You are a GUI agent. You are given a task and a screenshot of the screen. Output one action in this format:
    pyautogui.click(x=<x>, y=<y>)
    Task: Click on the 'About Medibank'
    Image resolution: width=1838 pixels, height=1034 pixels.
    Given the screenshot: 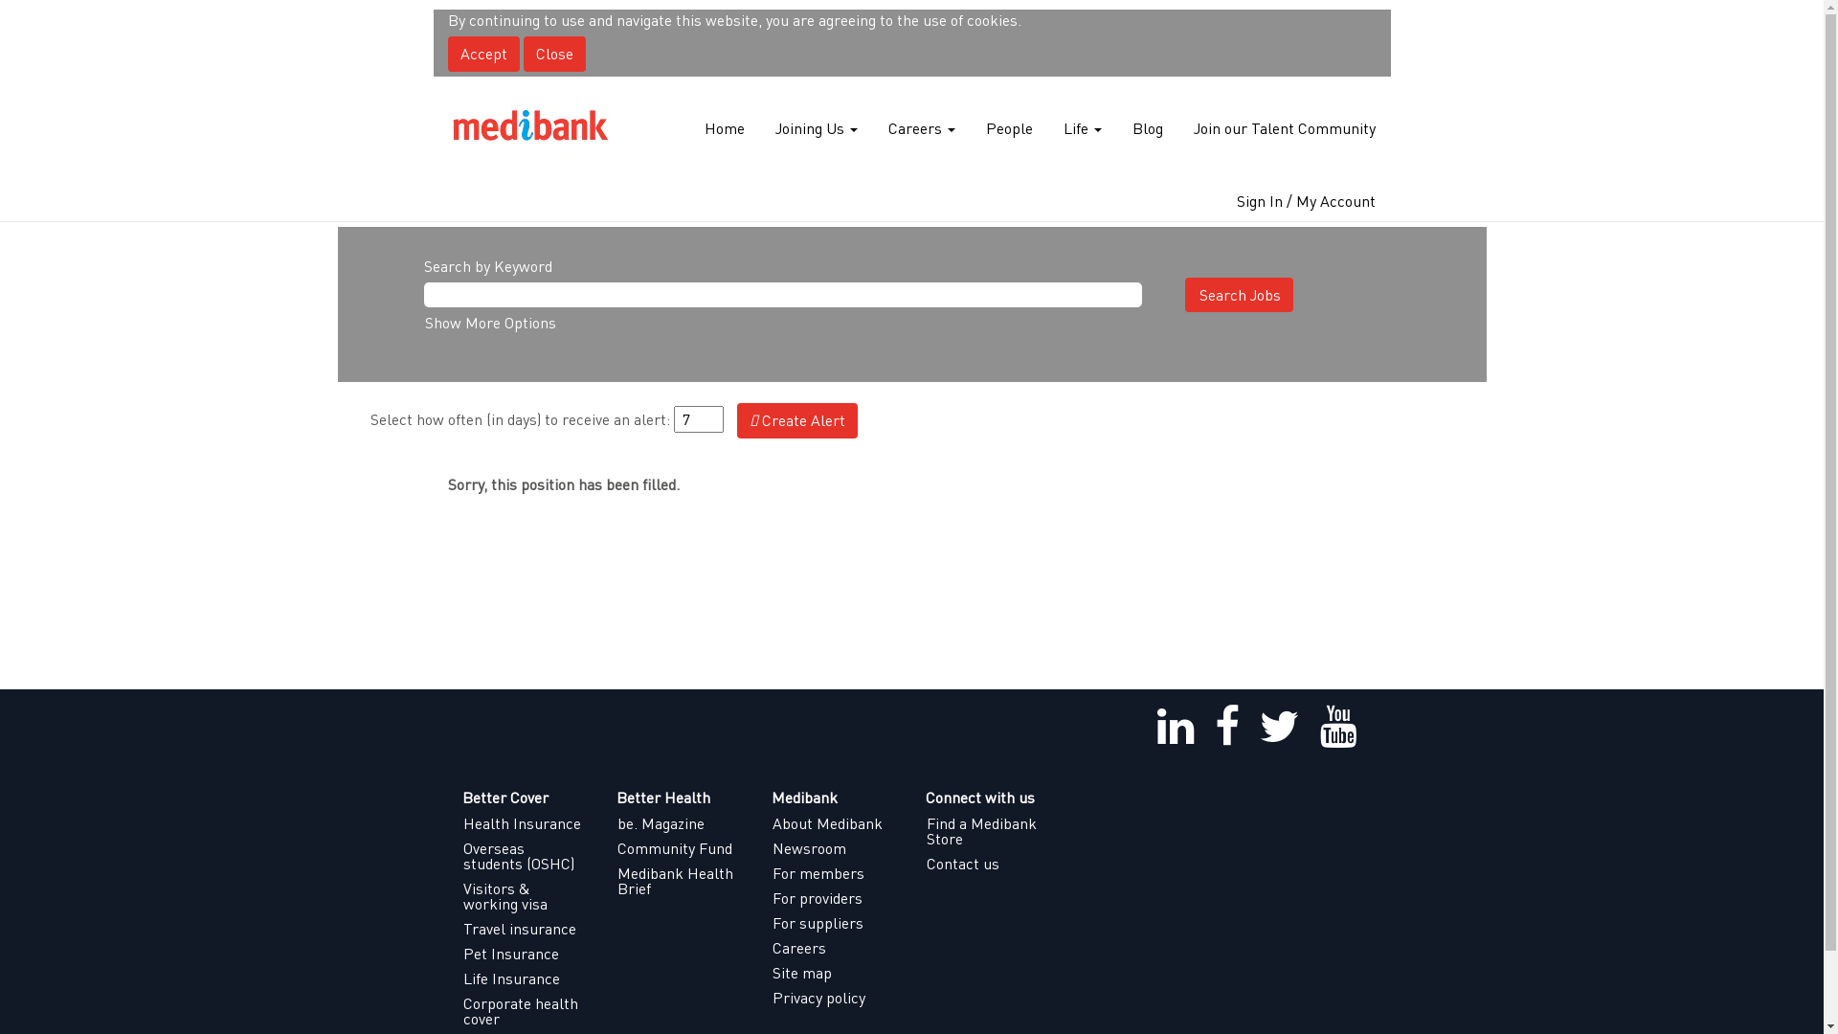 What is the action you would take?
    pyautogui.click(x=772, y=822)
    